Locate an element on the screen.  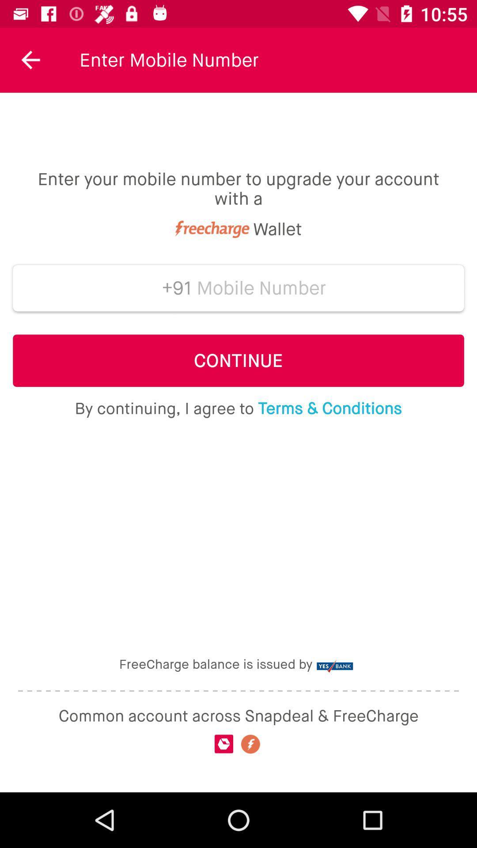
the icon to the left of the enter mobile number icon is located at coordinates (30, 60).